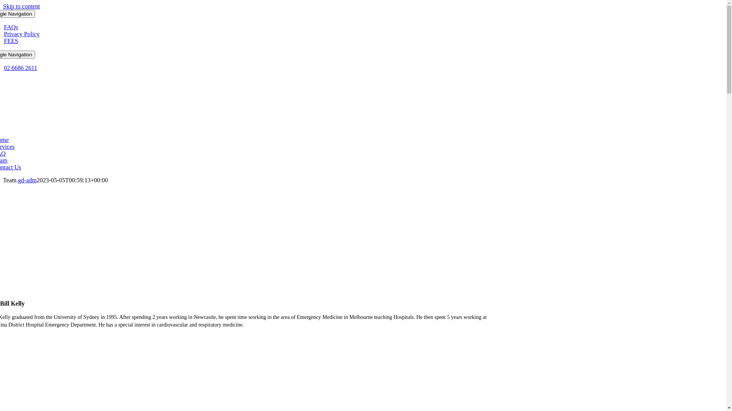 The image size is (732, 411). Describe the element at coordinates (11, 41) in the screenshot. I see `'FEES'` at that location.